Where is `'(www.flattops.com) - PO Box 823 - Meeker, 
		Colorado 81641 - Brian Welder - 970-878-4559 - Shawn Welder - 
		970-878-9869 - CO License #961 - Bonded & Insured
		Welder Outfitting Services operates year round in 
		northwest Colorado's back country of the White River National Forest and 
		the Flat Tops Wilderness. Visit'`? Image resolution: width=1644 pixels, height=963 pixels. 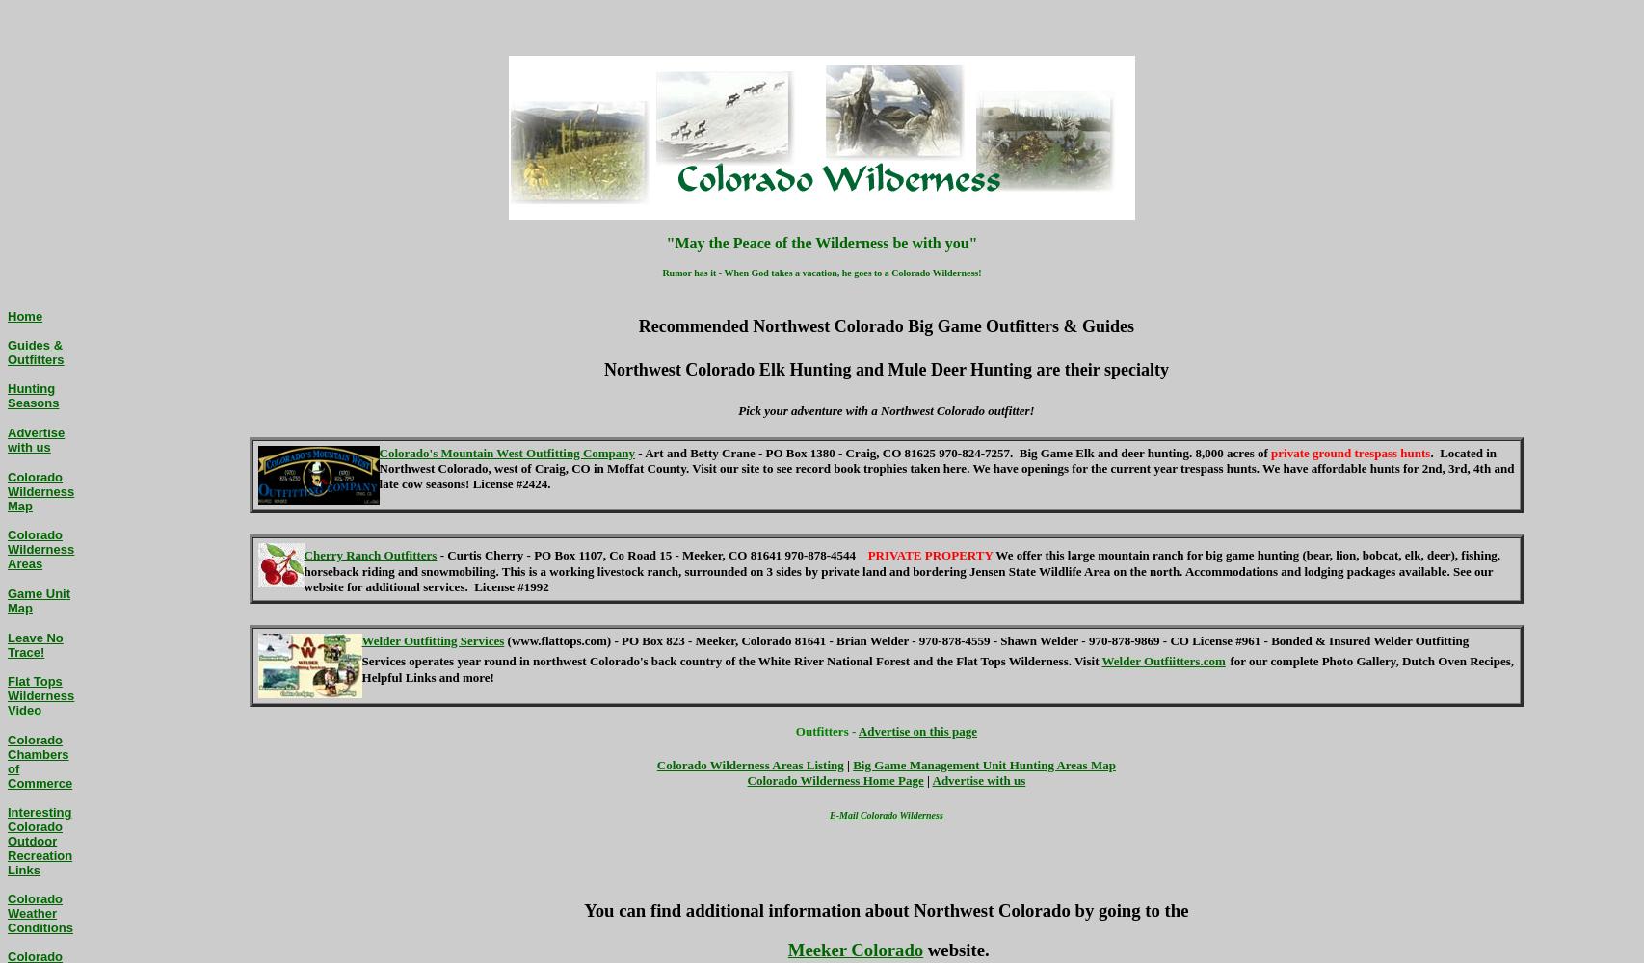
'(www.flattops.com) - PO Box 823 - Meeker, 
		Colorado 81641 - Brian Welder - 970-878-4559 - Shawn Welder - 
		970-878-9869 - CO License #961 - Bonded & Insured
		Welder Outfitting Services operates year round in 
		northwest Colorado's back country of the White River National Forest and 
		the Flat Tops Wilderness. Visit' is located at coordinates (915, 650).